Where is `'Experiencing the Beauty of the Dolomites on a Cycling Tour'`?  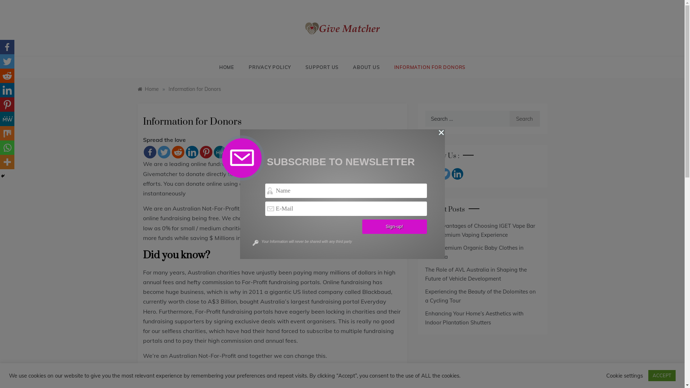 'Experiencing the Beauty of the Dolomites on a Cycling Tour' is located at coordinates (480, 296).